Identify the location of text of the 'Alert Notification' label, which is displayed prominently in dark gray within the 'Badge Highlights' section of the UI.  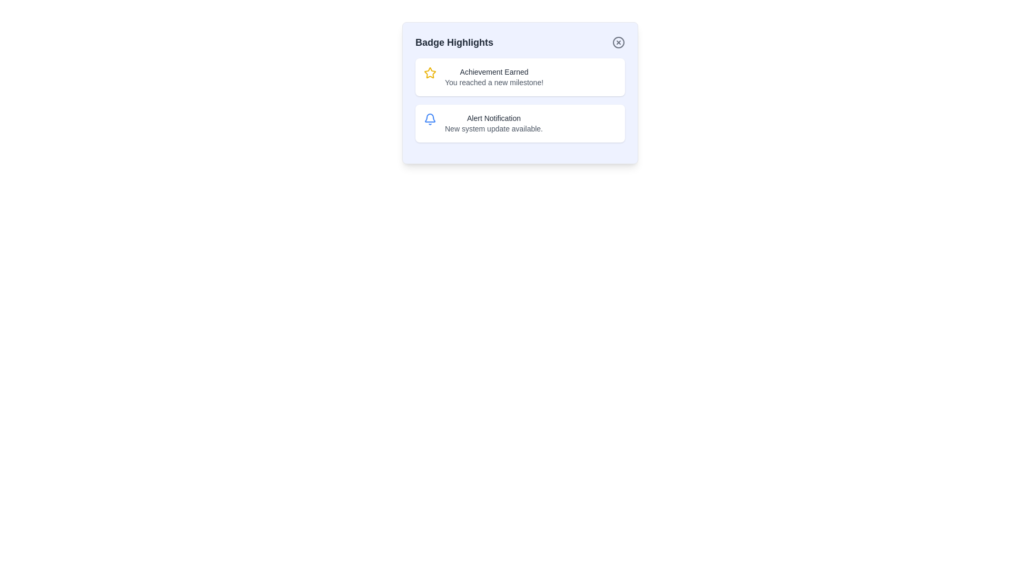
(493, 118).